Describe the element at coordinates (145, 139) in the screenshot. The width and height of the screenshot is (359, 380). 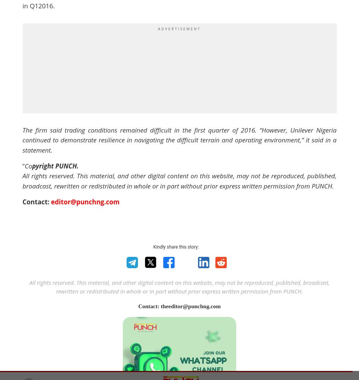
I see `'Barrier Breakers'` at that location.